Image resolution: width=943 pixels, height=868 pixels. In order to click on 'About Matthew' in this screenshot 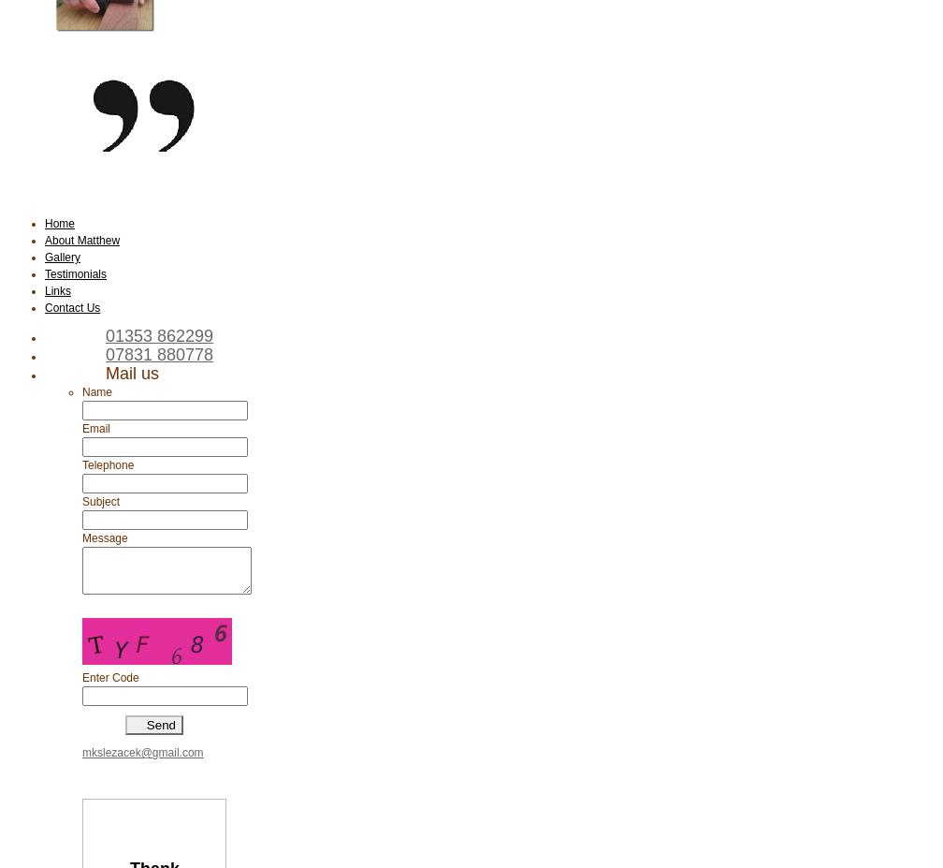, I will do `click(44, 240)`.